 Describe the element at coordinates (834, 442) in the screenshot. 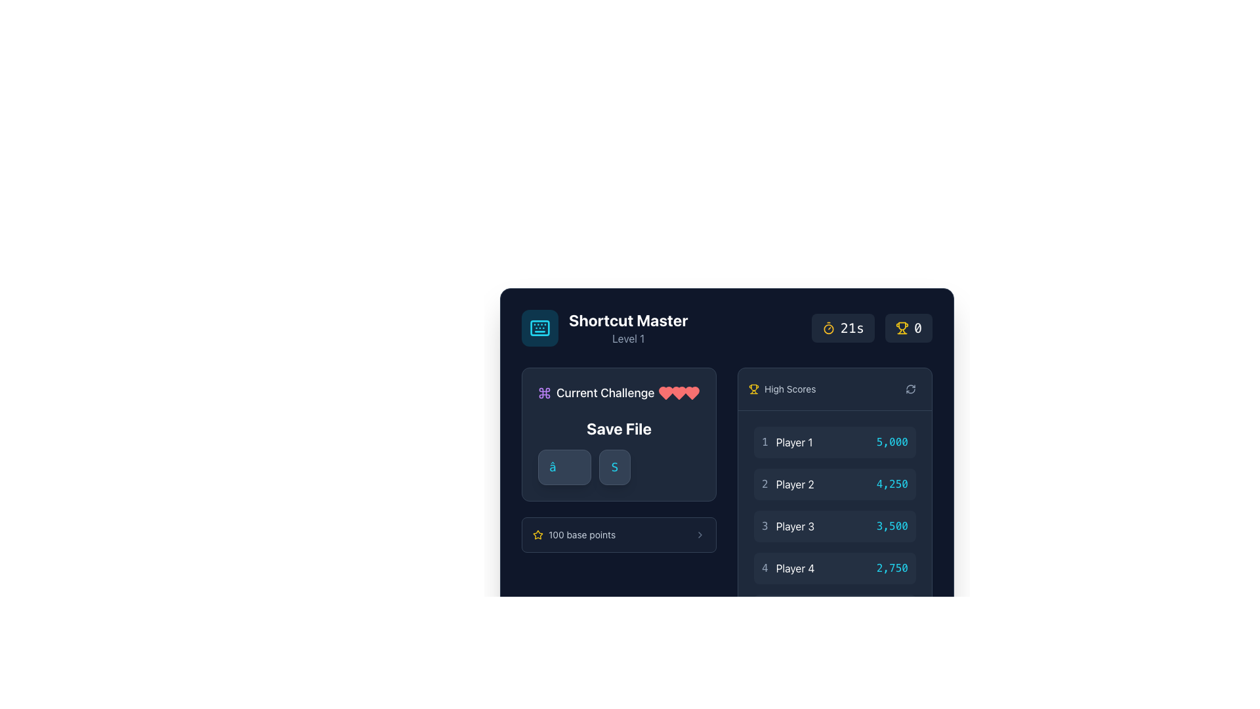

I see `the first List item card in the high scores section, which displays the rank, player name, and score` at that location.